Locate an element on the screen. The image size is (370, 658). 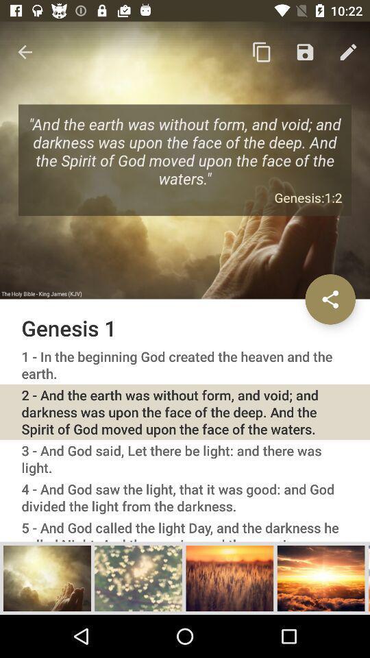
the 1 in the item is located at coordinates (185, 364).